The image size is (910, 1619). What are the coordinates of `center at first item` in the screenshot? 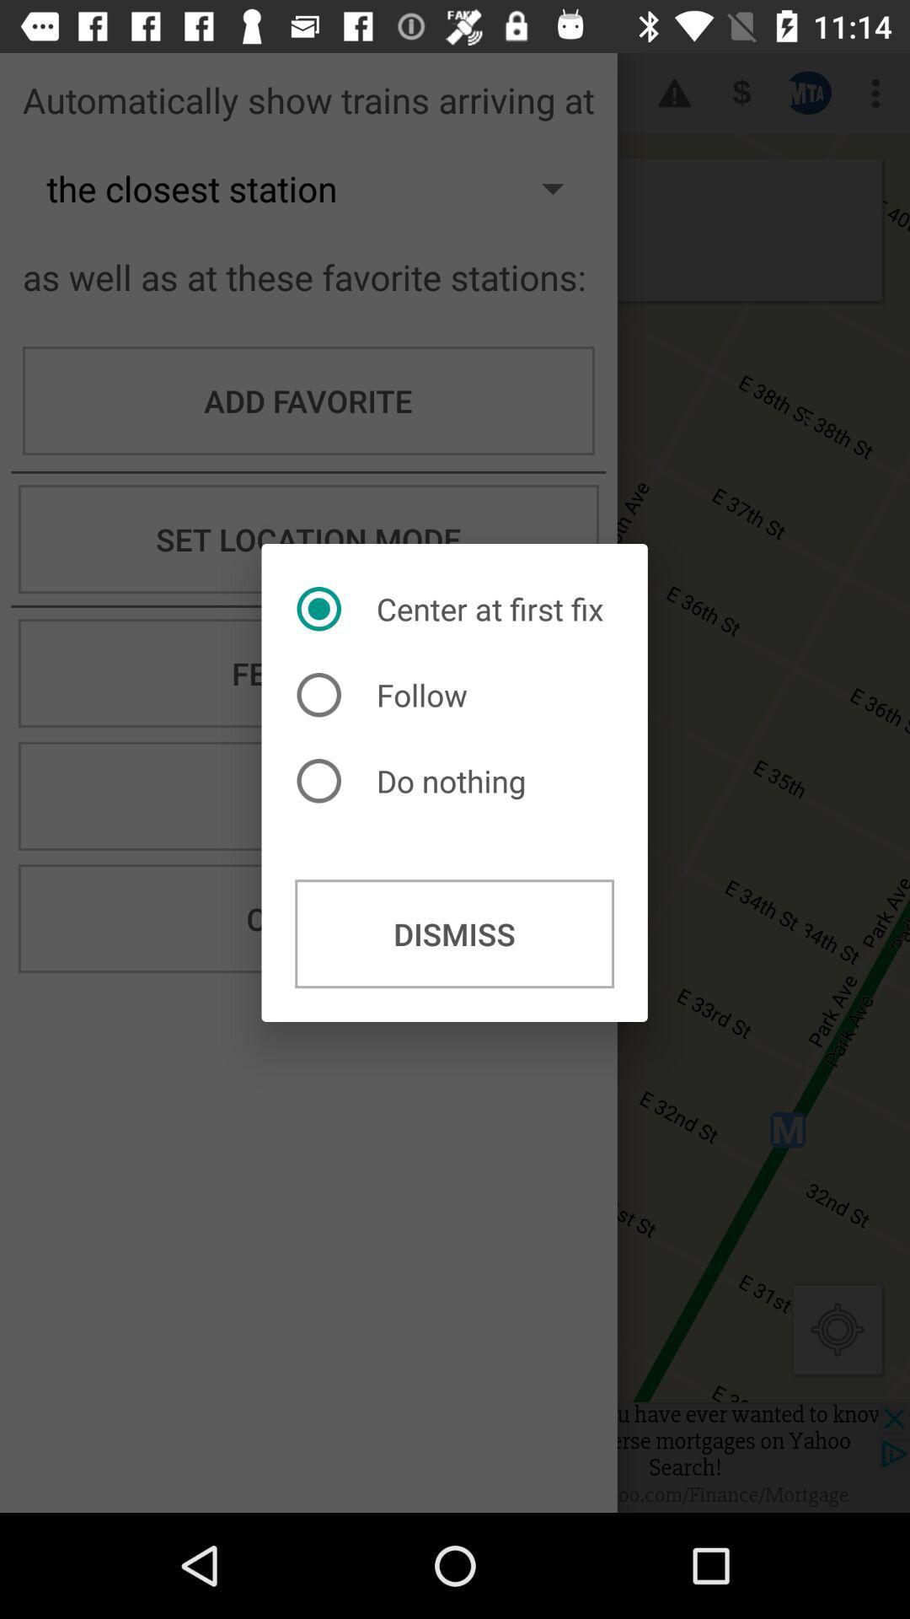 It's located at (453, 608).